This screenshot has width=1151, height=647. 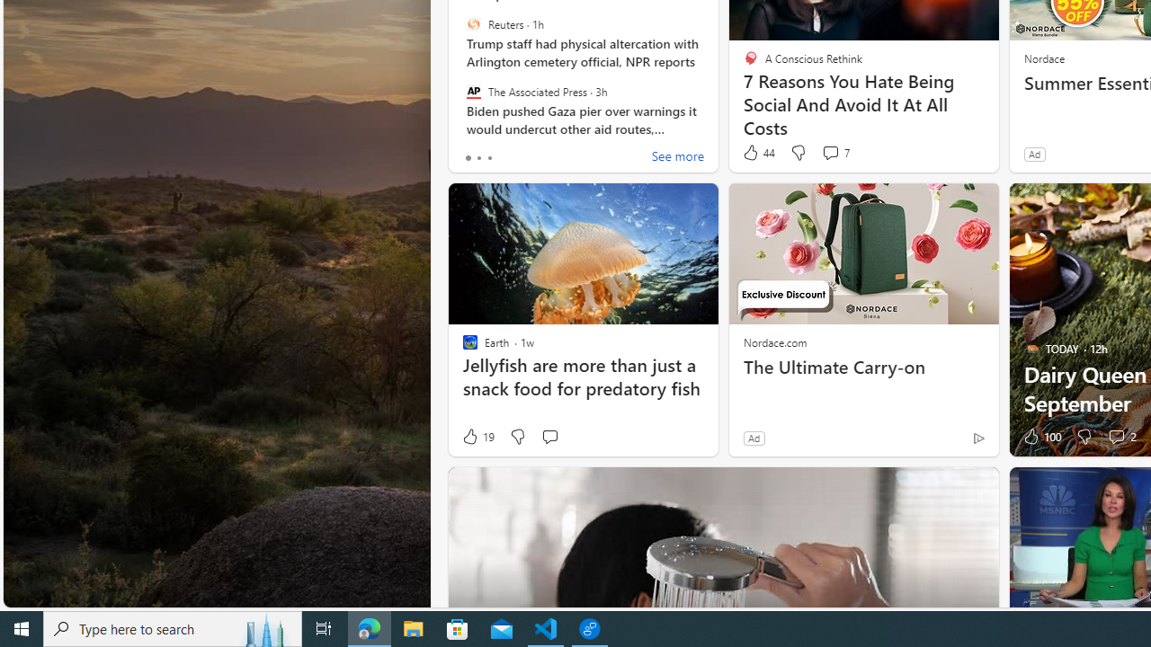 What do you see at coordinates (676, 157) in the screenshot?
I see `'See more'` at bounding box center [676, 157].